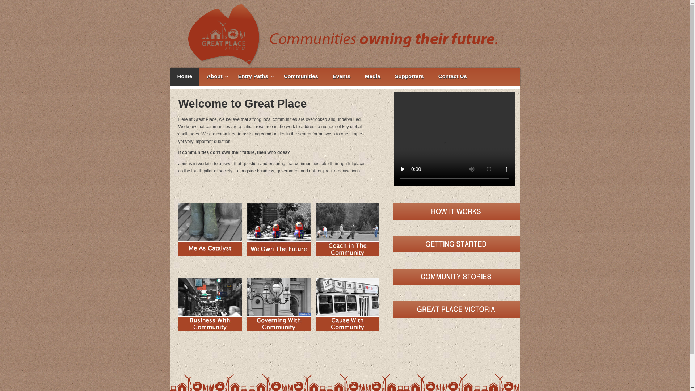 The image size is (695, 391). I want to click on 'Communities', so click(301, 77).